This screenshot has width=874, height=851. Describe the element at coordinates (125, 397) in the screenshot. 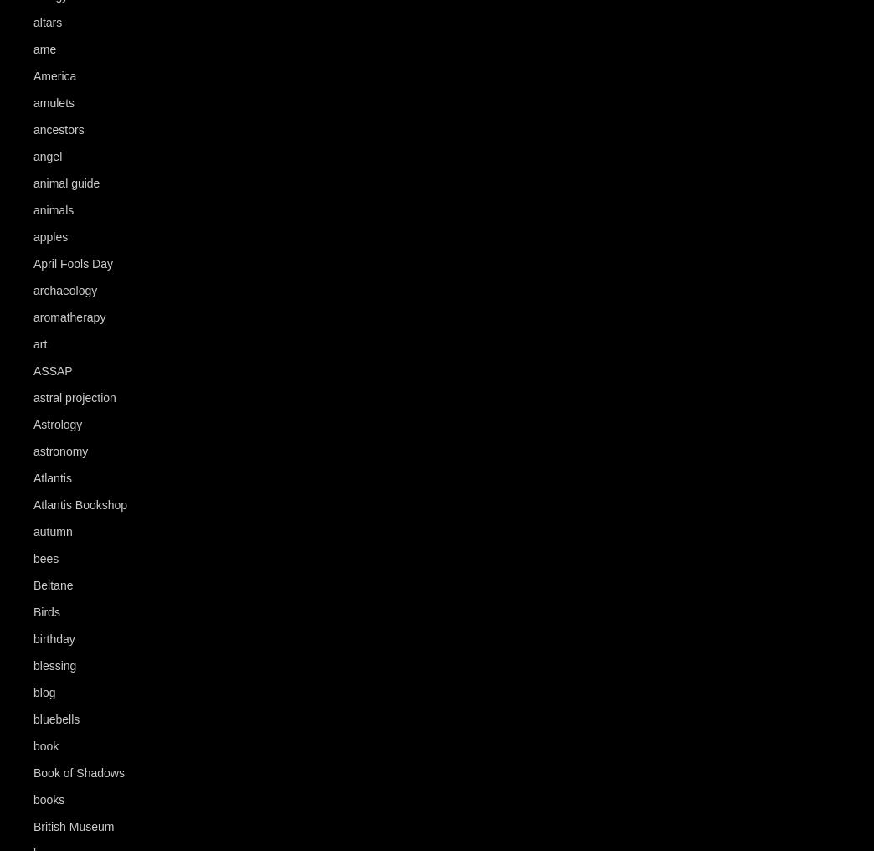

I see `'(4)'` at that location.